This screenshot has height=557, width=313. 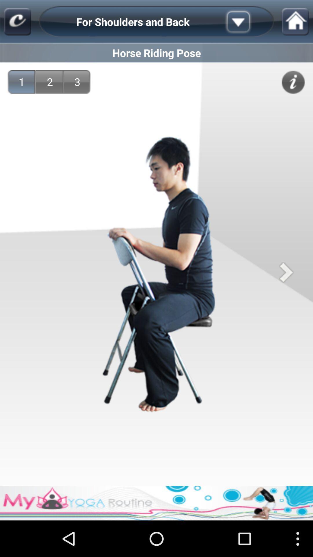 What do you see at coordinates (21, 82) in the screenshot?
I see `app to the left of the 2` at bounding box center [21, 82].